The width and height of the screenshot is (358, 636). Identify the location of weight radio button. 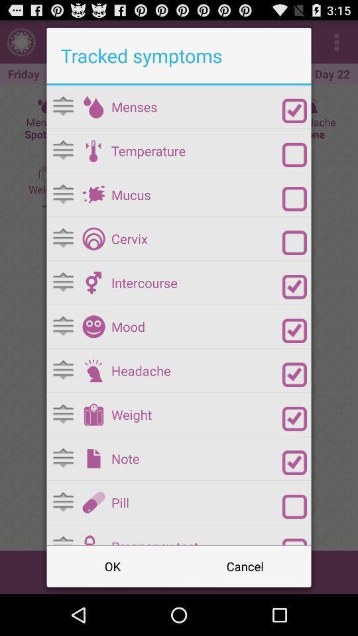
(294, 418).